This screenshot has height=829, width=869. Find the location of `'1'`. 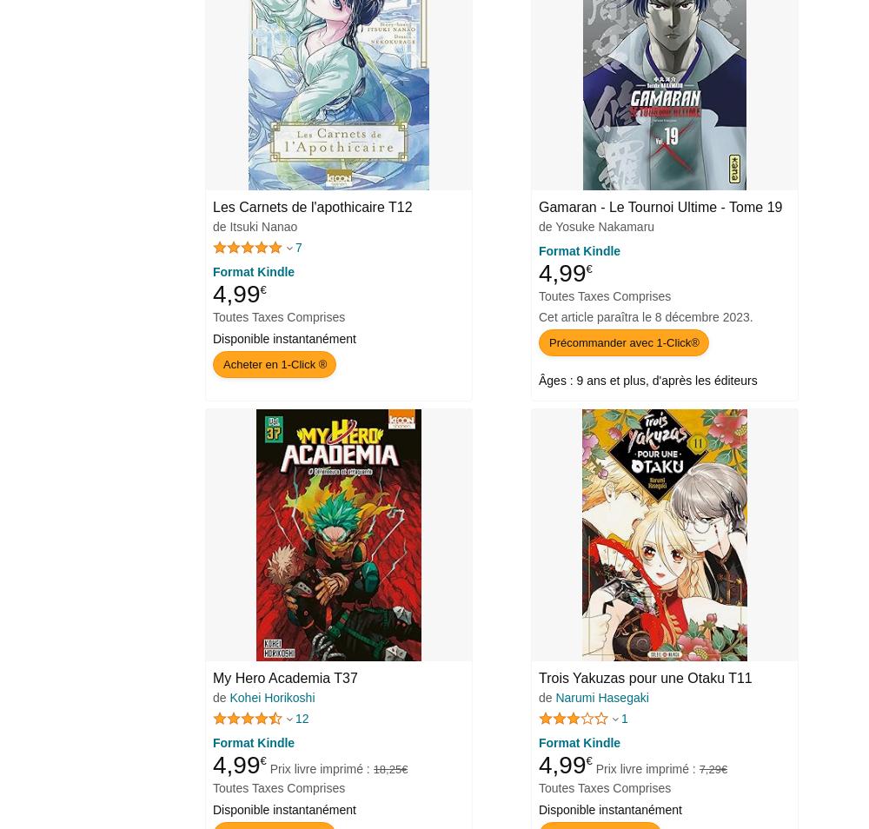

'1' is located at coordinates (623, 717).